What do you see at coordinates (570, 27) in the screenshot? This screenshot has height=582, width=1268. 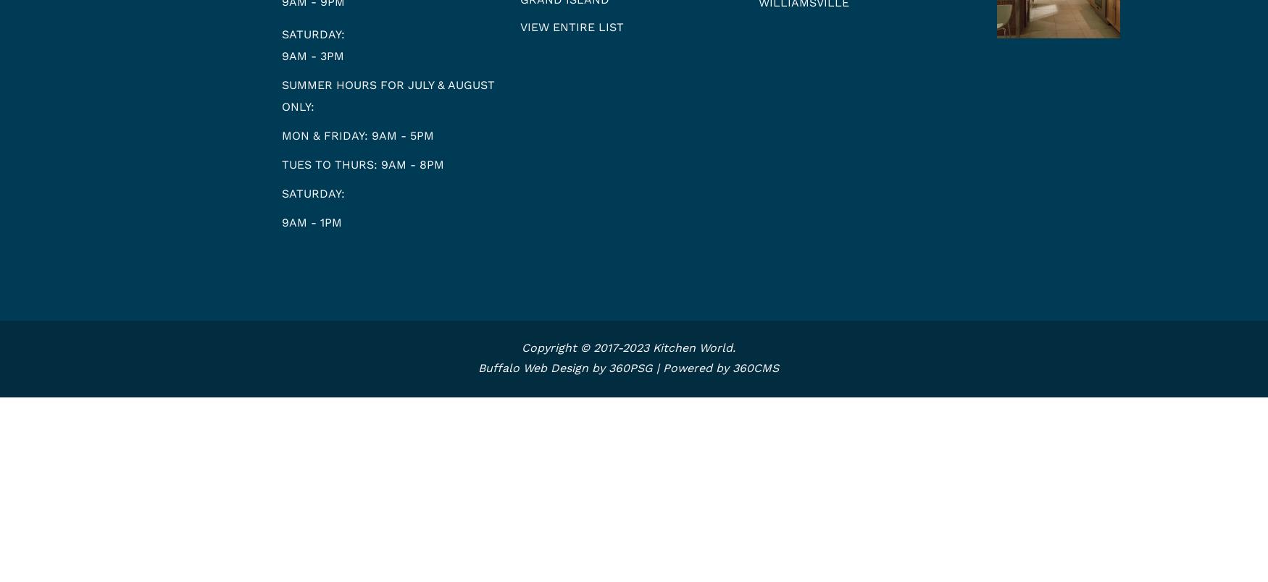 I see `'View entire list'` at bounding box center [570, 27].